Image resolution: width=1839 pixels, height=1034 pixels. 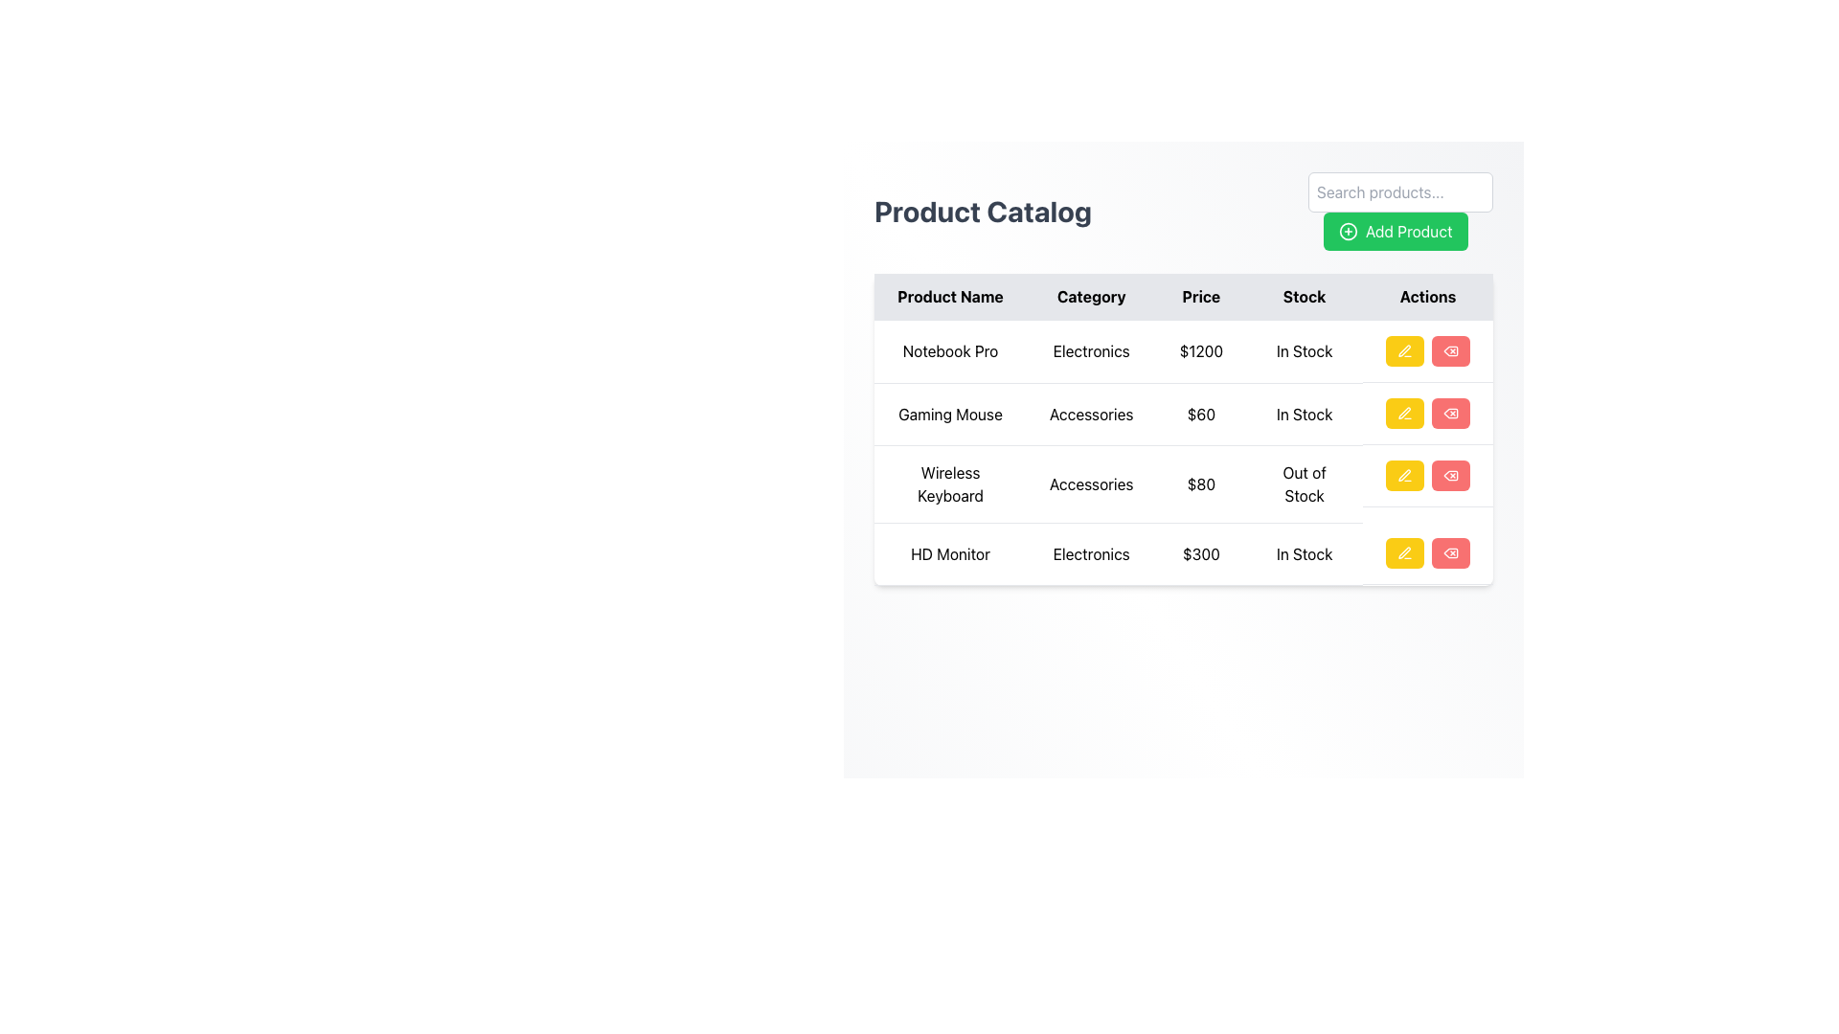 I want to click on the static text label displaying 'Electronics', which is located in the second cell under the 'Category' column of the product 'HD Monitor' row, so click(x=1091, y=553).